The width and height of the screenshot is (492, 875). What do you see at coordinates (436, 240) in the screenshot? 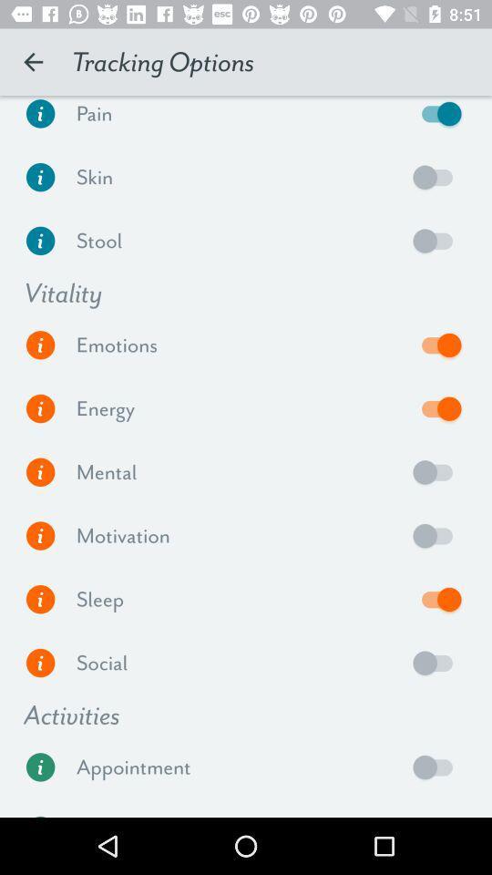
I see `activate stool` at bounding box center [436, 240].